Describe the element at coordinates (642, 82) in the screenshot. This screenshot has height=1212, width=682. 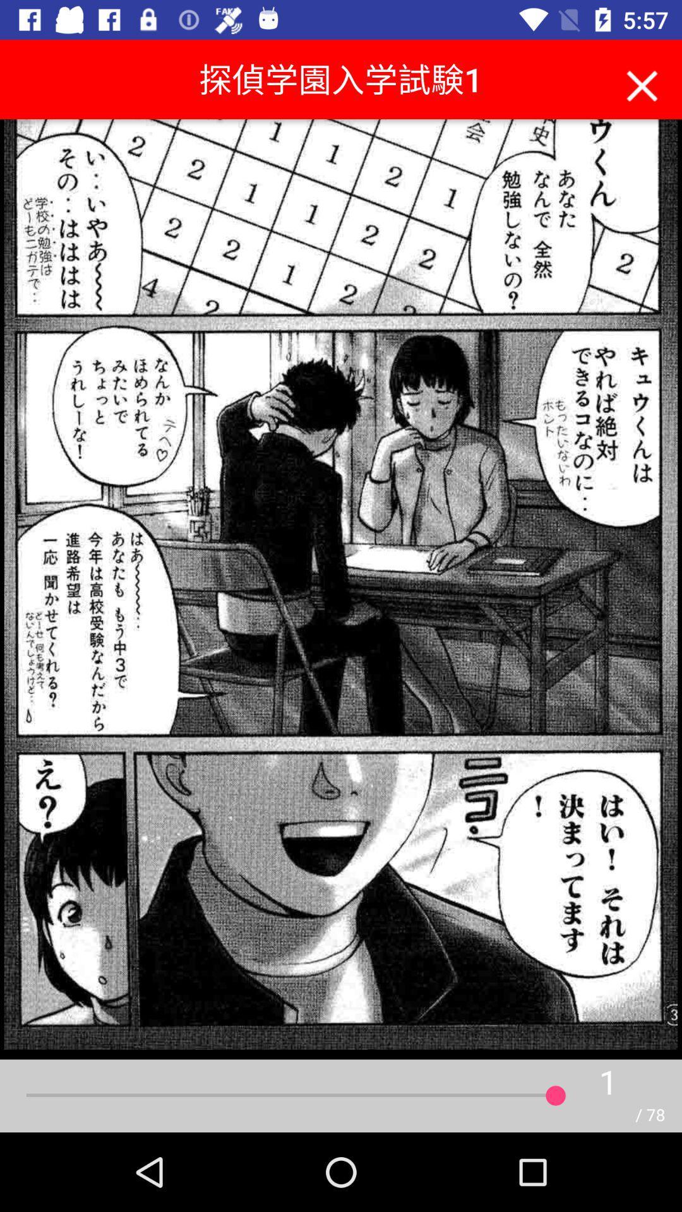
I see `icon at the top right corner` at that location.